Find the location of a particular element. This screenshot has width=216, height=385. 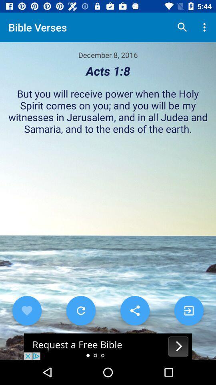

load the next page is located at coordinates (189, 310).